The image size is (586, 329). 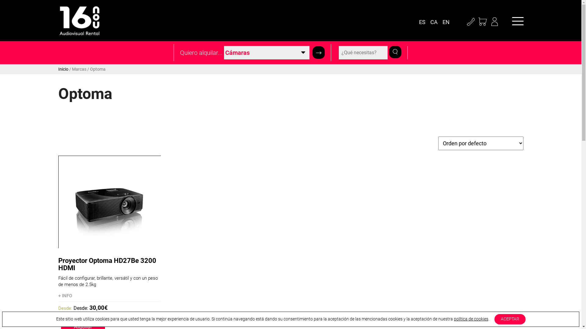 I want to click on 'Mi cuenta', so click(x=489, y=22).